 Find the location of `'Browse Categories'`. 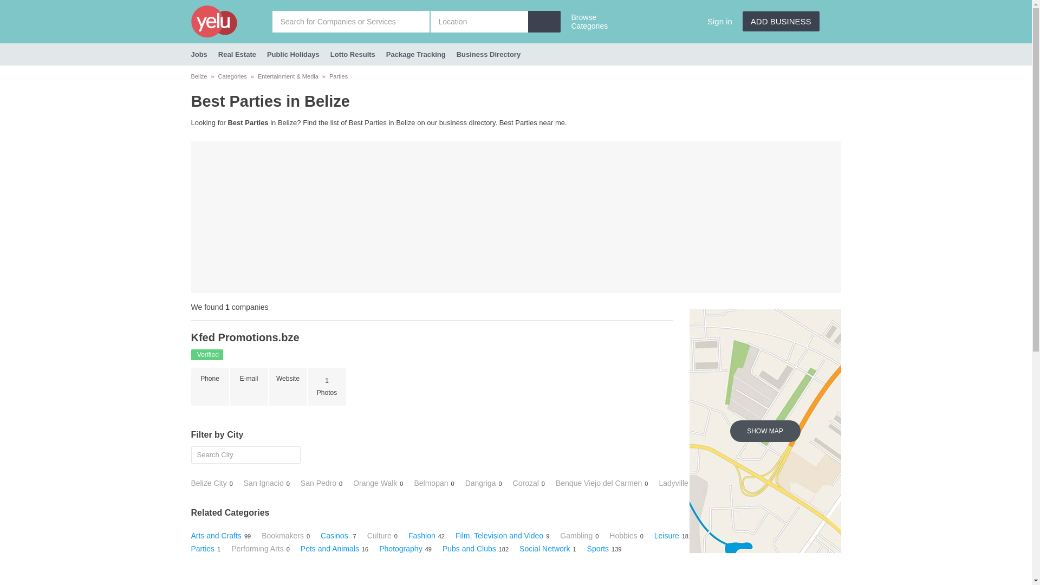

'Browse Categories' is located at coordinates (592, 23).